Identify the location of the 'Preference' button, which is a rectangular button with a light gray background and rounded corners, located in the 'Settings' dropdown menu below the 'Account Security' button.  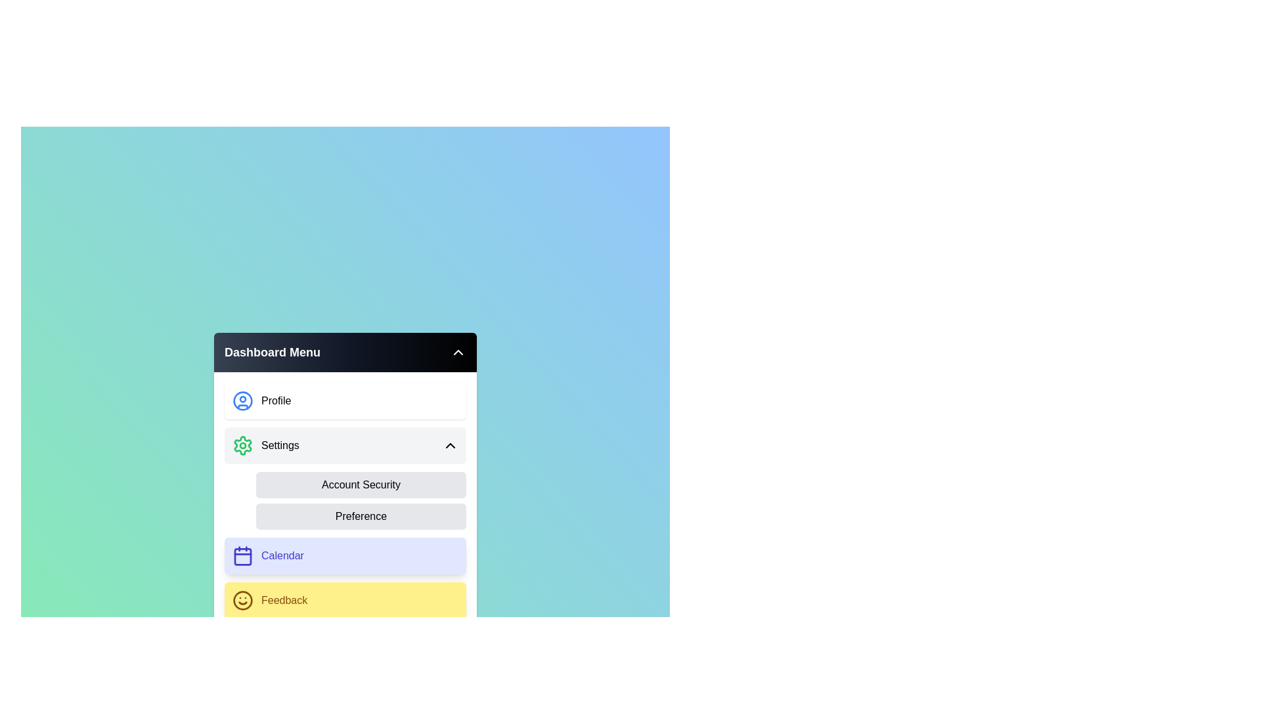
(361, 515).